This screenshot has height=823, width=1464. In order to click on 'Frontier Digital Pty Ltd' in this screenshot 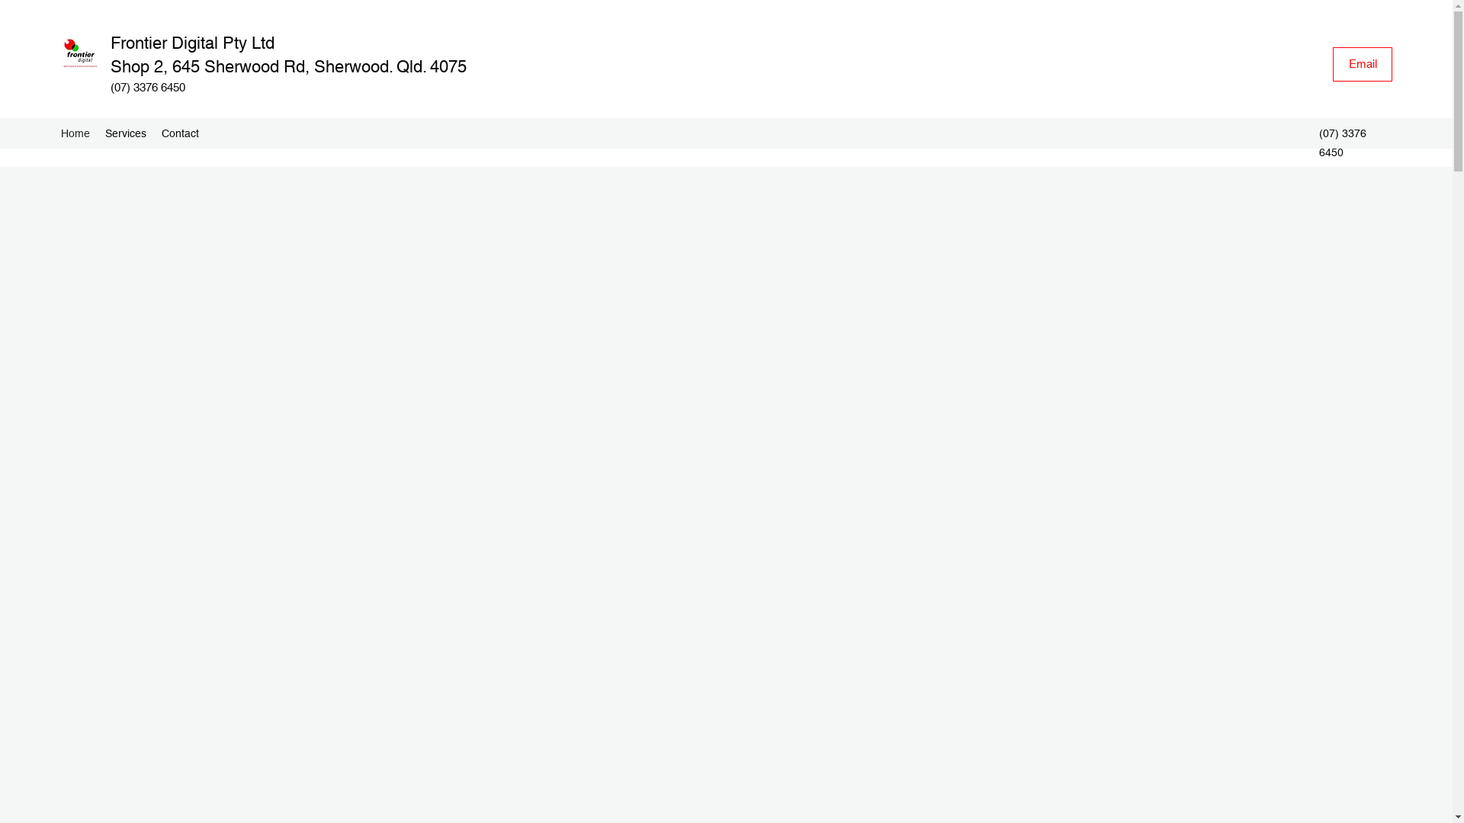, I will do `click(191, 42)`.